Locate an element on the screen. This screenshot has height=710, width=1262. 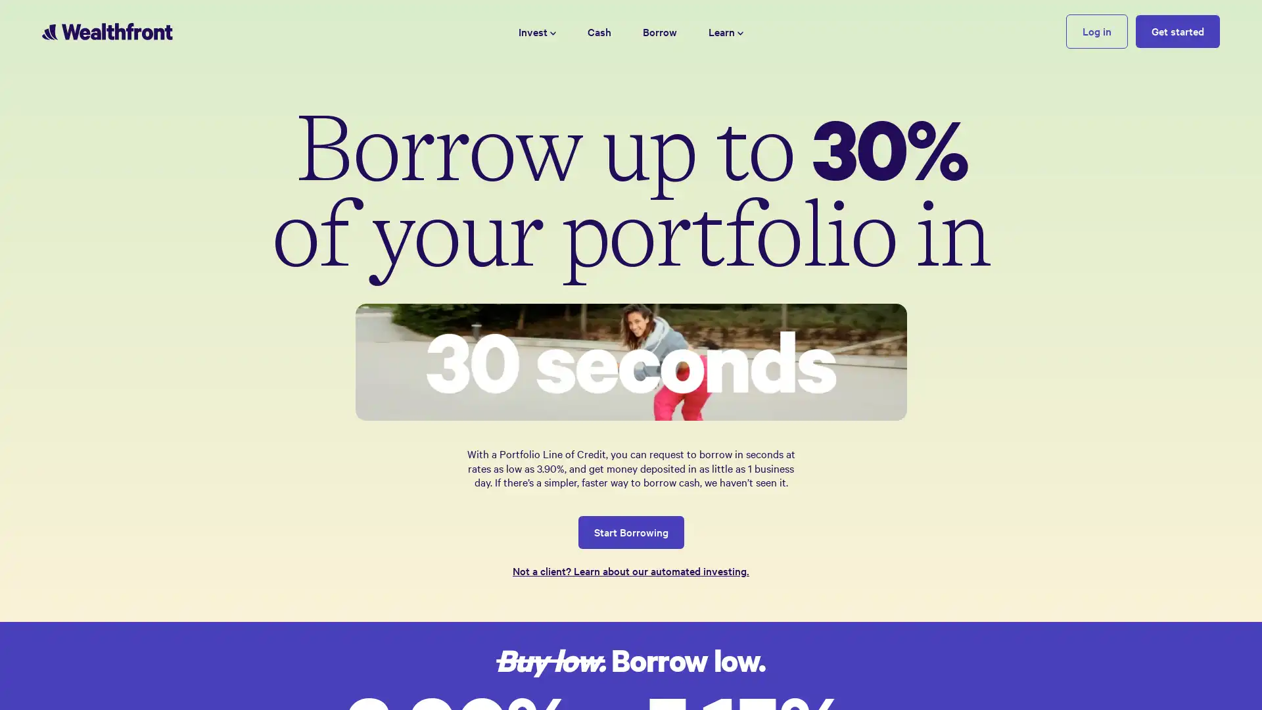
Learn is located at coordinates (725, 30).